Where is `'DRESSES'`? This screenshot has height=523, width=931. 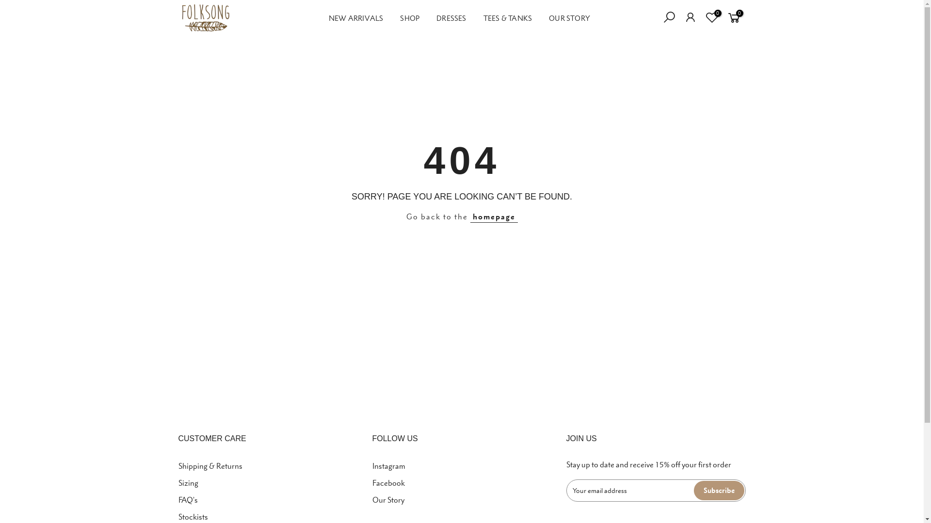
'DRESSES' is located at coordinates (451, 18).